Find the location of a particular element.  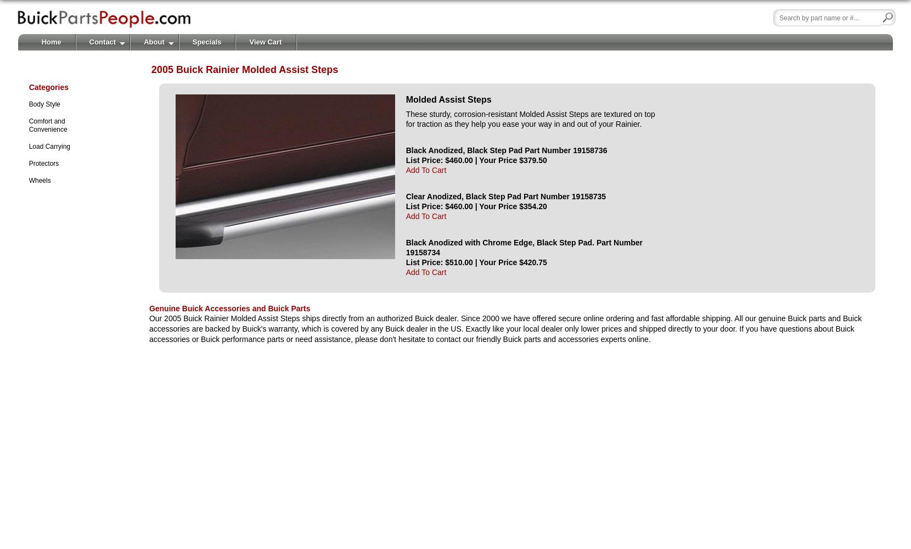

'These sturdy, corrosion-resistant Molded Assist Steps are textured on top for traction as they help you ease your way in and out of your Rainier.' is located at coordinates (530, 118).